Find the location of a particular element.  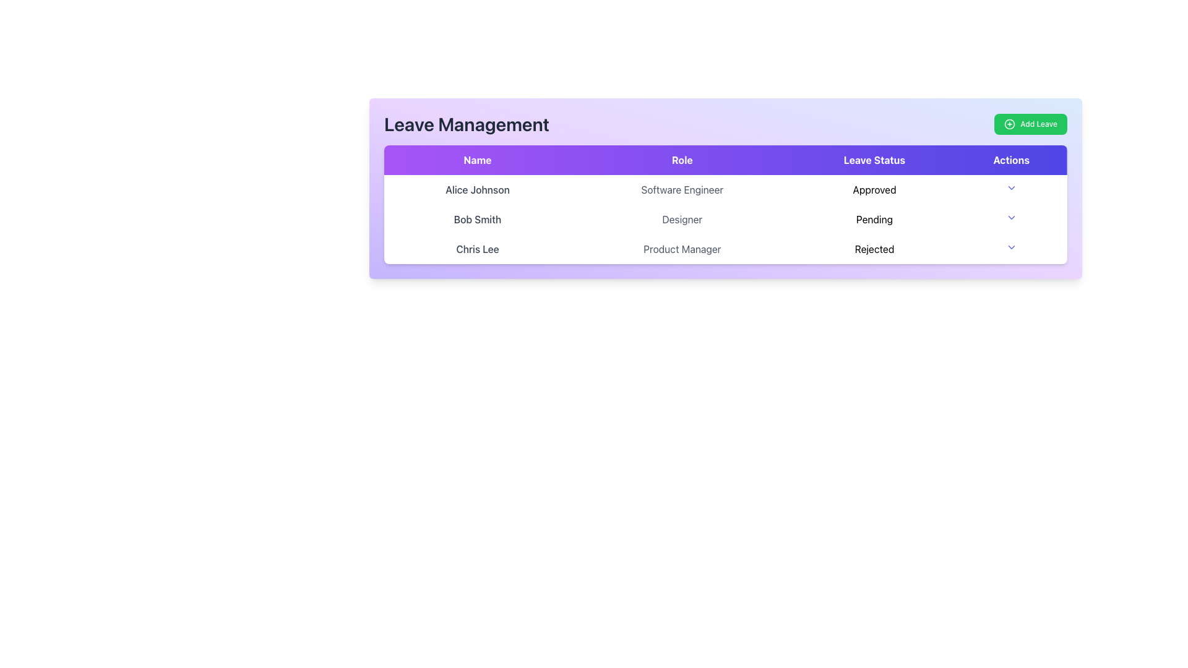

the third row in the 'Leave Management' table is located at coordinates (725, 249).